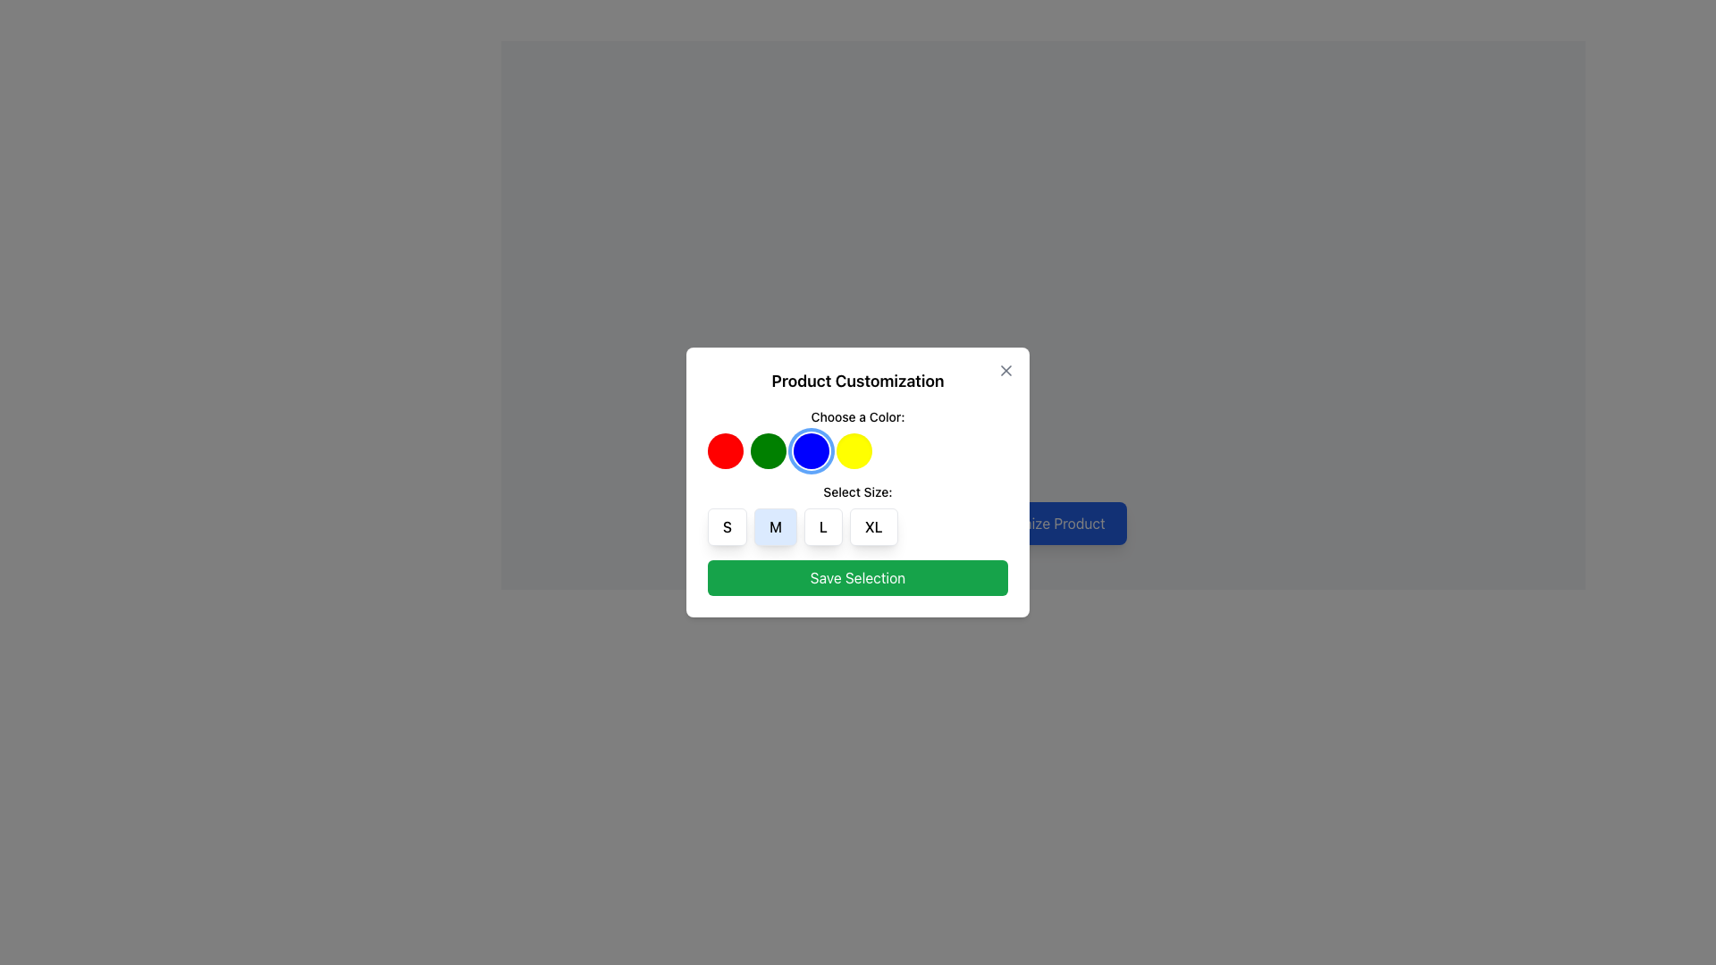 This screenshot has height=965, width=1716. What do you see at coordinates (873, 526) in the screenshot?
I see `the 'XL' button, which is the fourth button in a horizontal group of size options under the 'Select Size:' label` at bounding box center [873, 526].